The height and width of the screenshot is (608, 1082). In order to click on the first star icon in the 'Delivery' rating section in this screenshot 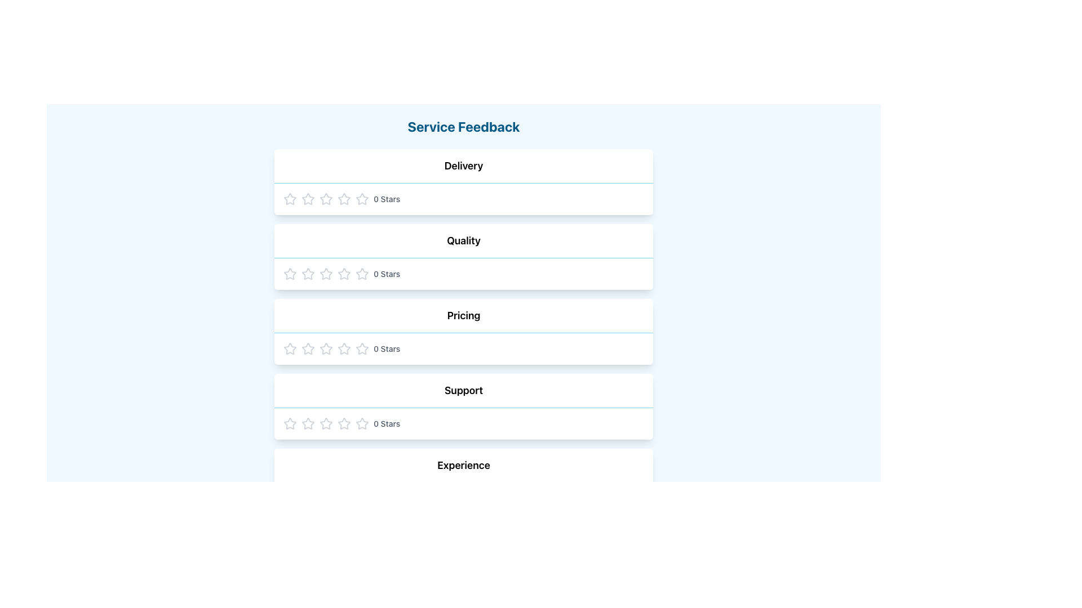, I will do `click(308, 198)`.